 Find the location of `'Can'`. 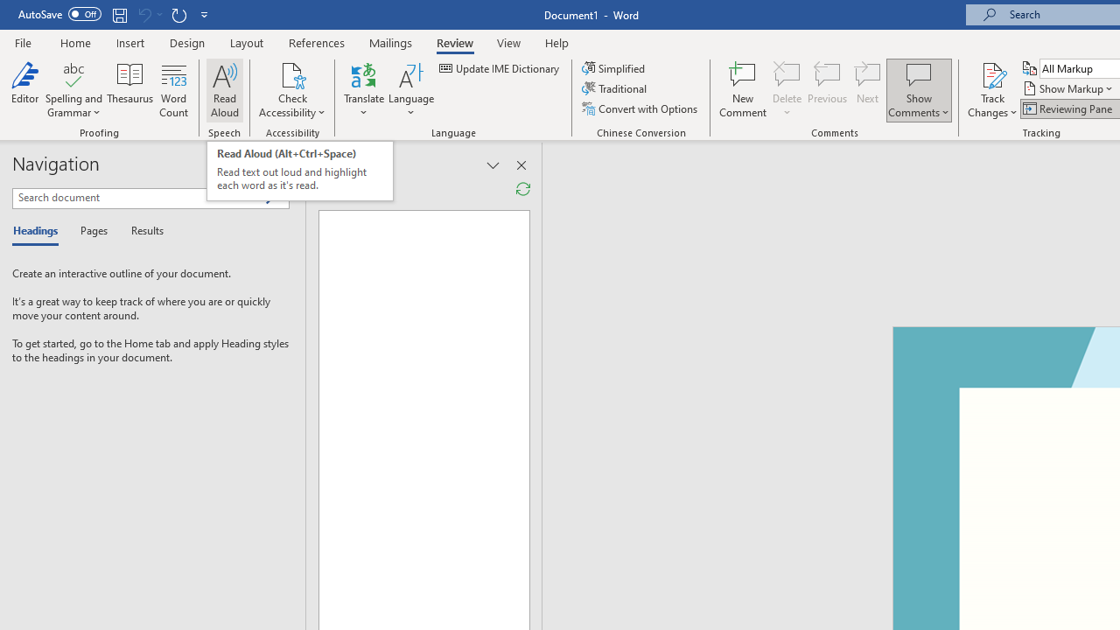

'Can' is located at coordinates (143, 14).